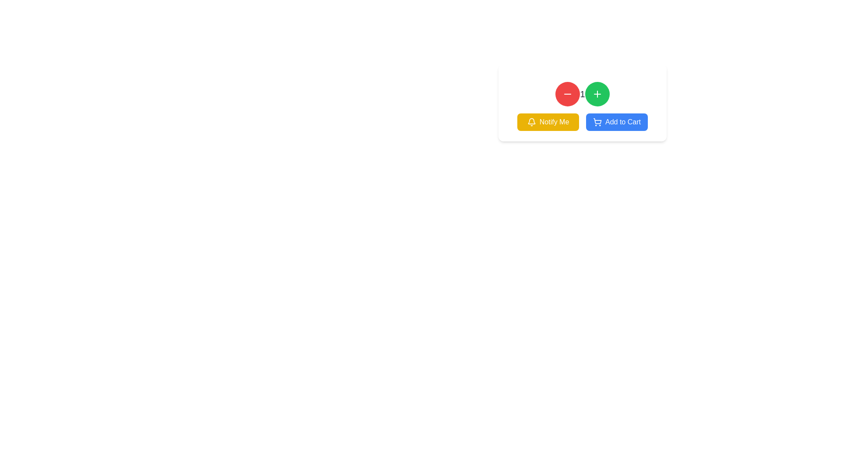 The height and width of the screenshot is (473, 841). What do you see at coordinates (582, 94) in the screenshot?
I see `the prominent single-digit number '1' displayed in large gray font, which is centrally aligned between the decrement and increment buttons` at bounding box center [582, 94].